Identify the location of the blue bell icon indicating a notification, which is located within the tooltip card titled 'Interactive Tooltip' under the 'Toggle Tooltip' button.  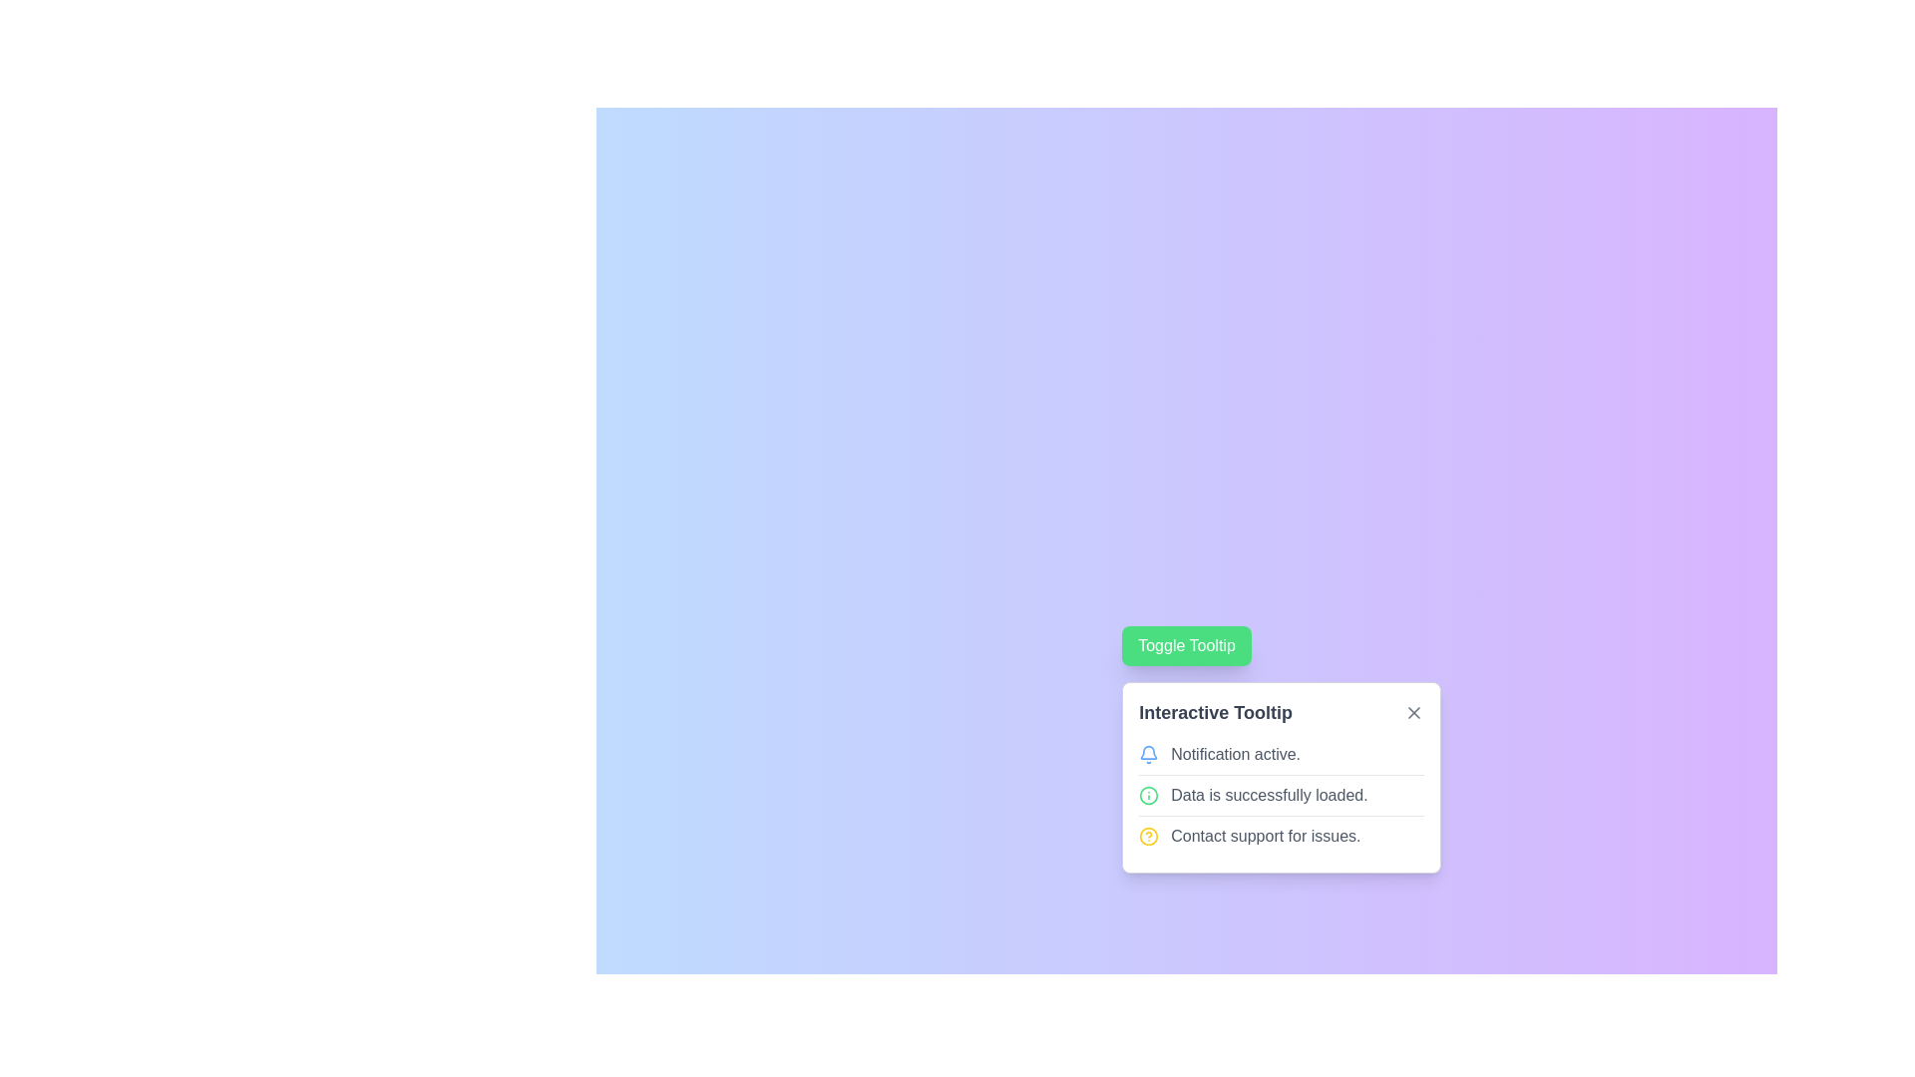
(1149, 754).